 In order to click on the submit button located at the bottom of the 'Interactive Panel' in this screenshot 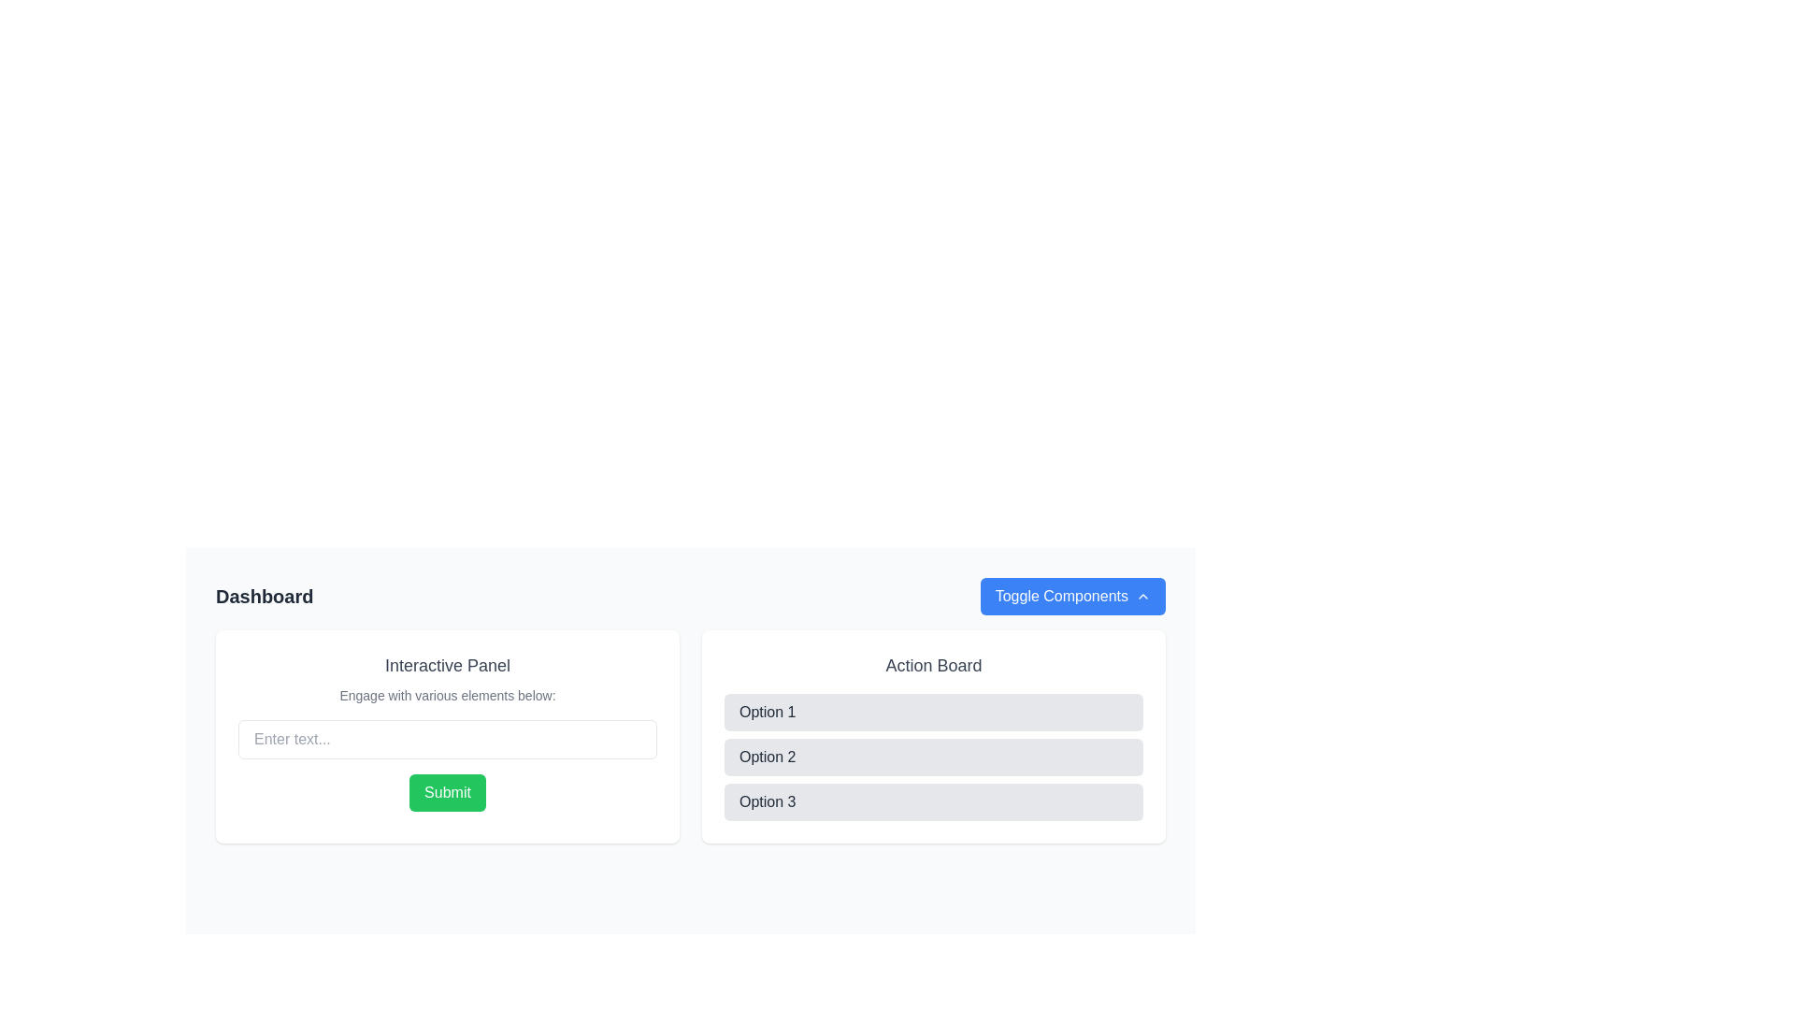, I will do `click(447, 793)`.